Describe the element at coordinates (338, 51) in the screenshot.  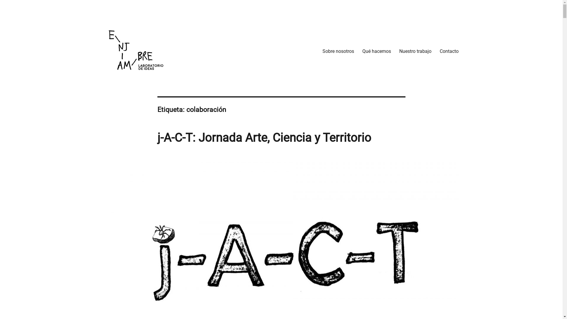
I see `'Sobre nosotros'` at that location.